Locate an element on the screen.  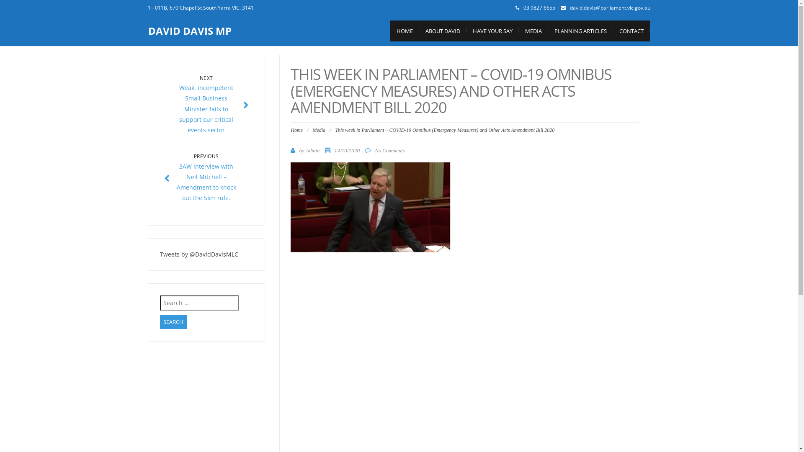
'Media' is located at coordinates (318, 130).